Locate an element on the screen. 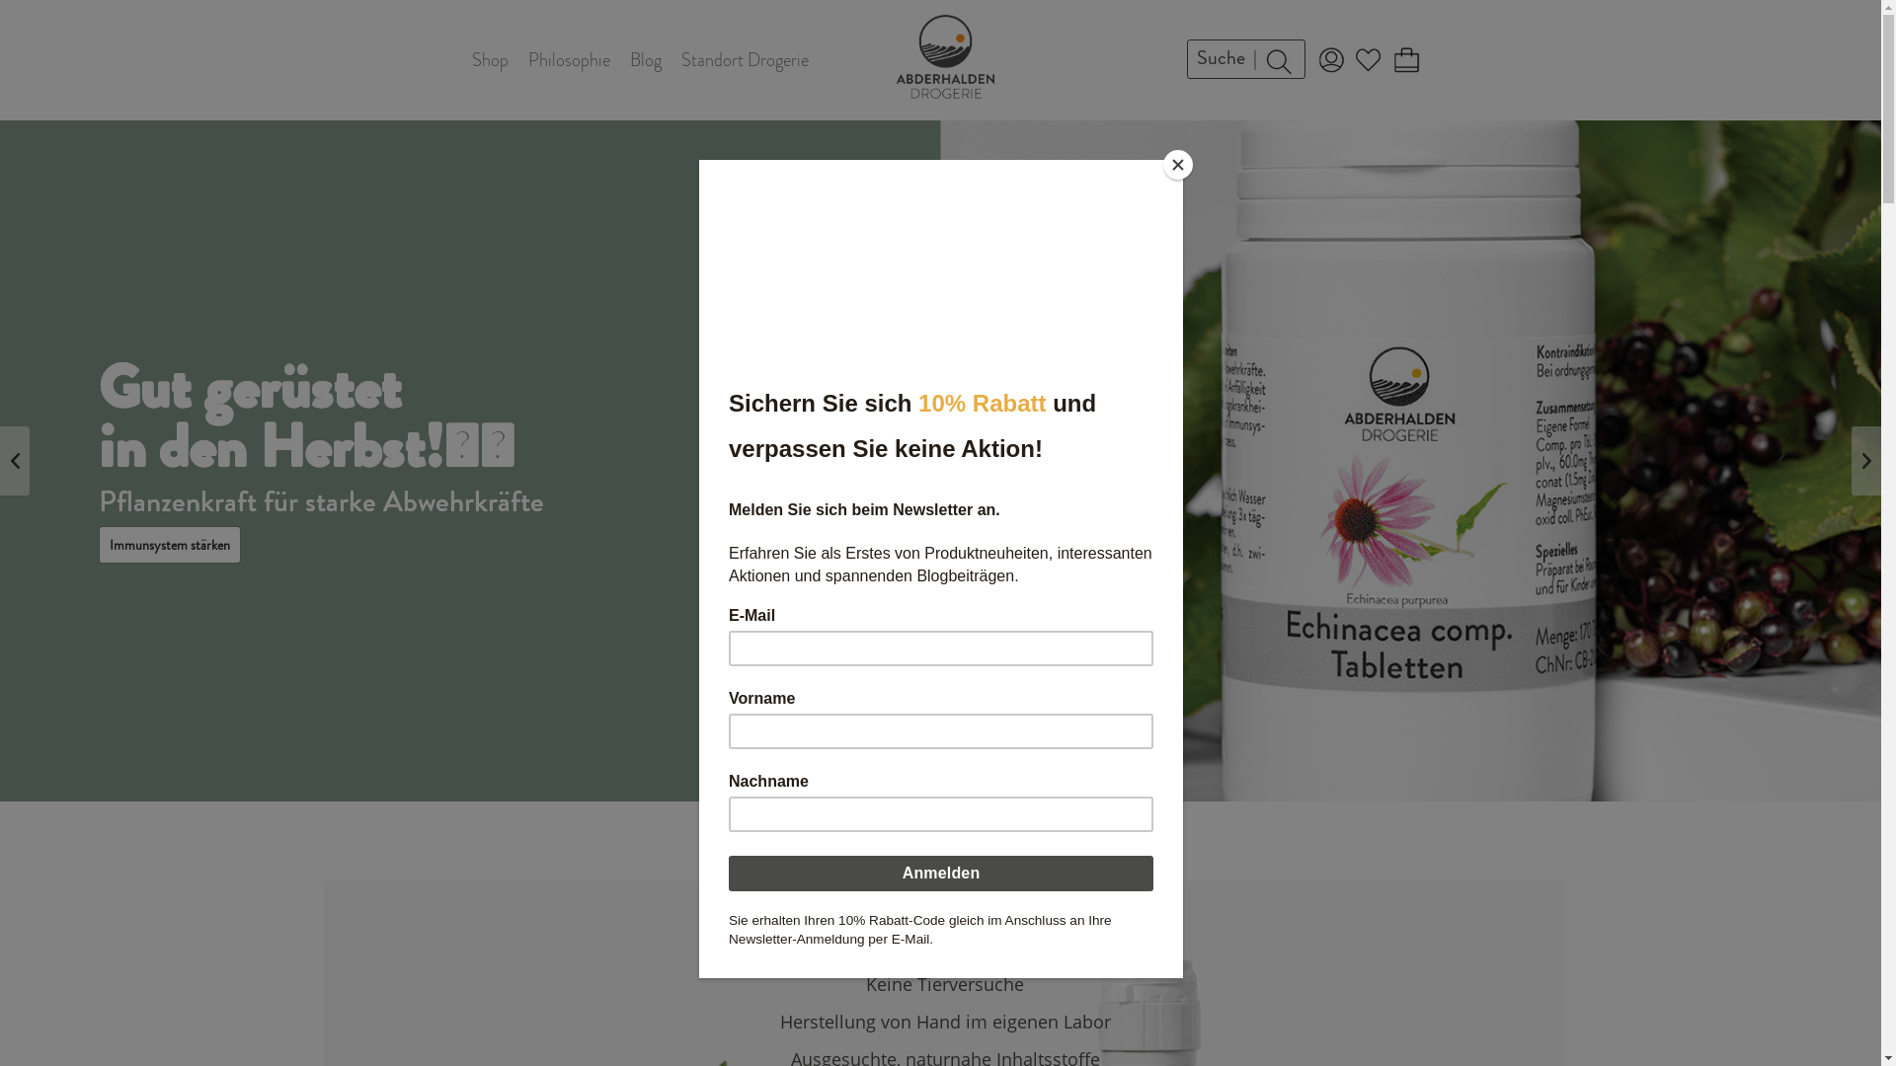 This screenshot has height=1066, width=1896. 'Abderhalden Drogerie AG - zur Startseite wechseln' is located at coordinates (943, 55).